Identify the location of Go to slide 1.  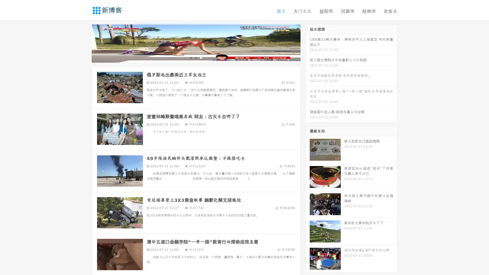
(191, 57).